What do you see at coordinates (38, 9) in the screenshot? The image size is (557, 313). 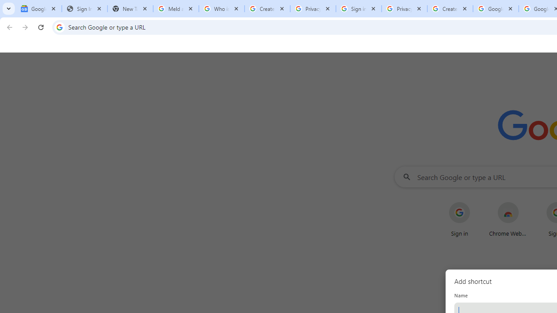 I see `'Google News'` at bounding box center [38, 9].